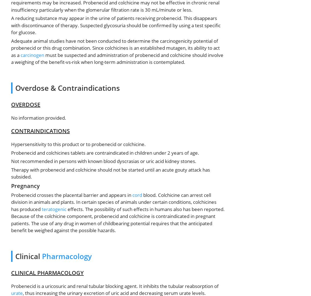 This screenshot has height=296, width=311. Describe the element at coordinates (11, 185) in the screenshot. I see `'Pregnancy'` at that location.